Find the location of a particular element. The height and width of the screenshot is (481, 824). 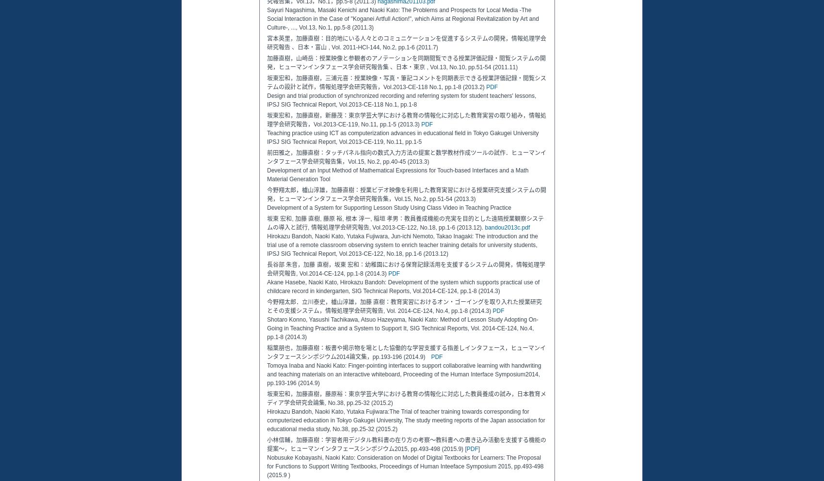

'Akane Hasebe, Naoki Kato, Hirokazu Bandoh: Development of the system which supports practical use of childcare record in kindergarten, SIG Technical Reports, Vol.2014-CE-124, pp.1-8 (2014.3)' is located at coordinates (266, 287).